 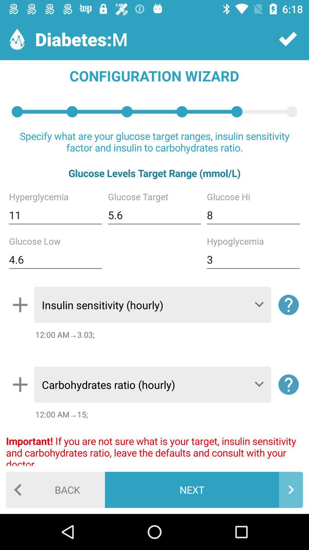 What do you see at coordinates (203, 489) in the screenshot?
I see `the next item` at bounding box center [203, 489].